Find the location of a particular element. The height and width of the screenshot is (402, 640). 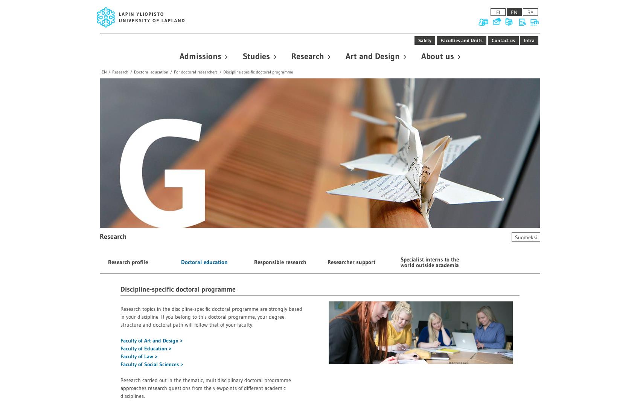

'Research profile' is located at coordinates (128, 262).